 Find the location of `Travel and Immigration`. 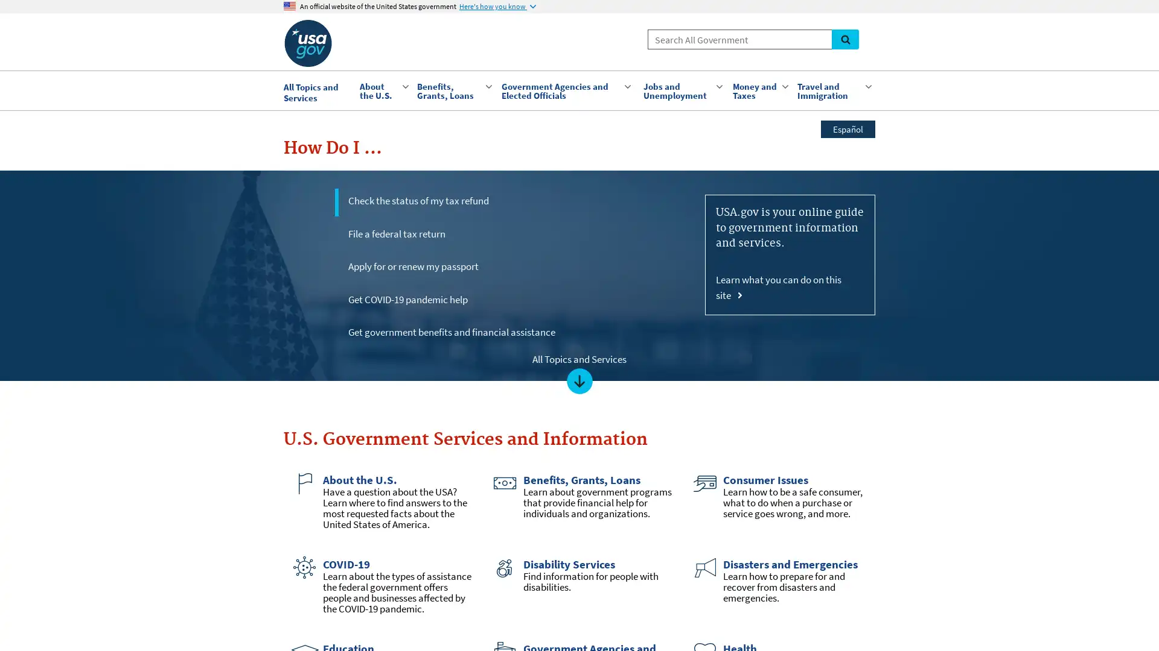

Travel and Immigration is located at coordinates (832, 90).